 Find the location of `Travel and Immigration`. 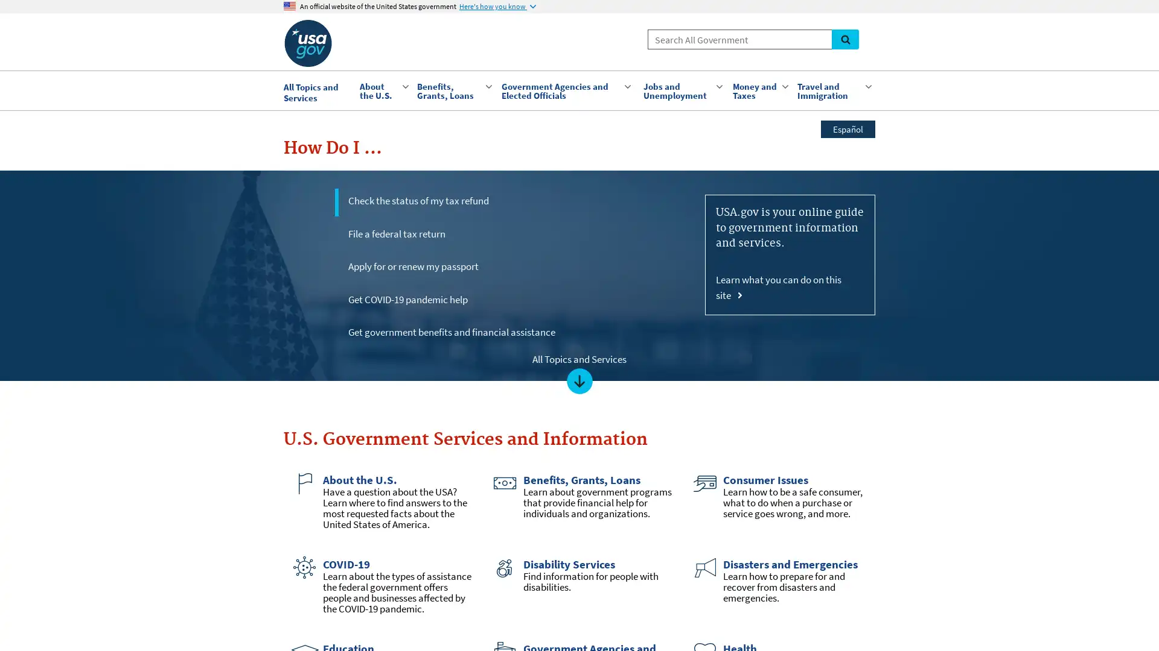

Travel and Immigration is located at coordinates (832, 90).